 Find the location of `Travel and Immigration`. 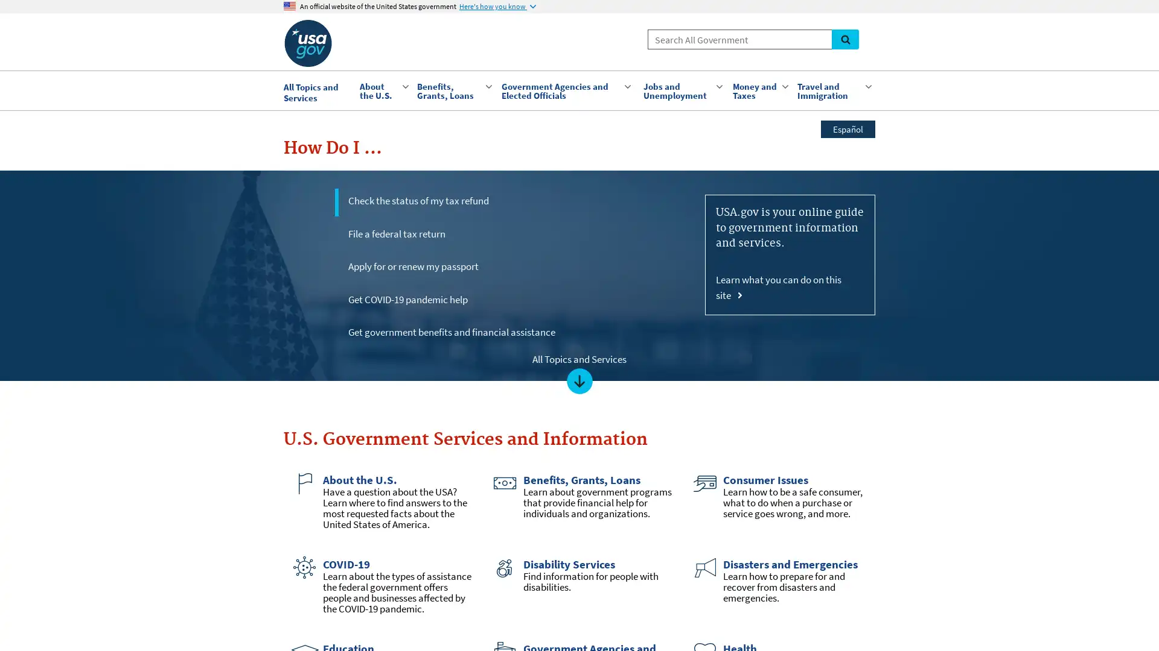

Travel and Immigration is located at coordinates (832, 90).